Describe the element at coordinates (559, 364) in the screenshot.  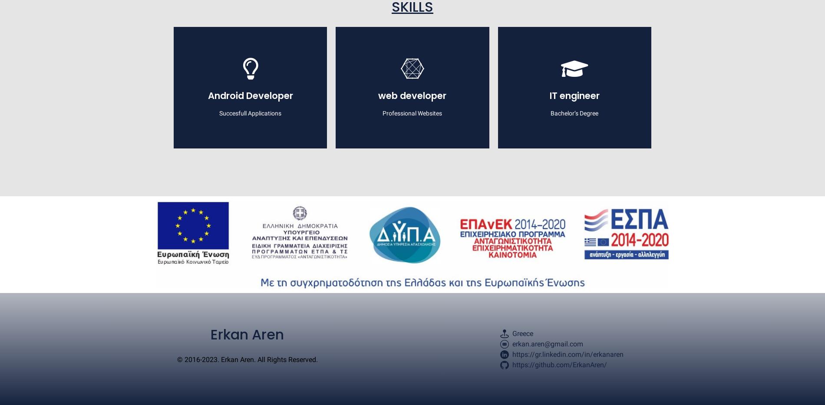
I see `'https://github.com/ErkanAren/'` at that location.